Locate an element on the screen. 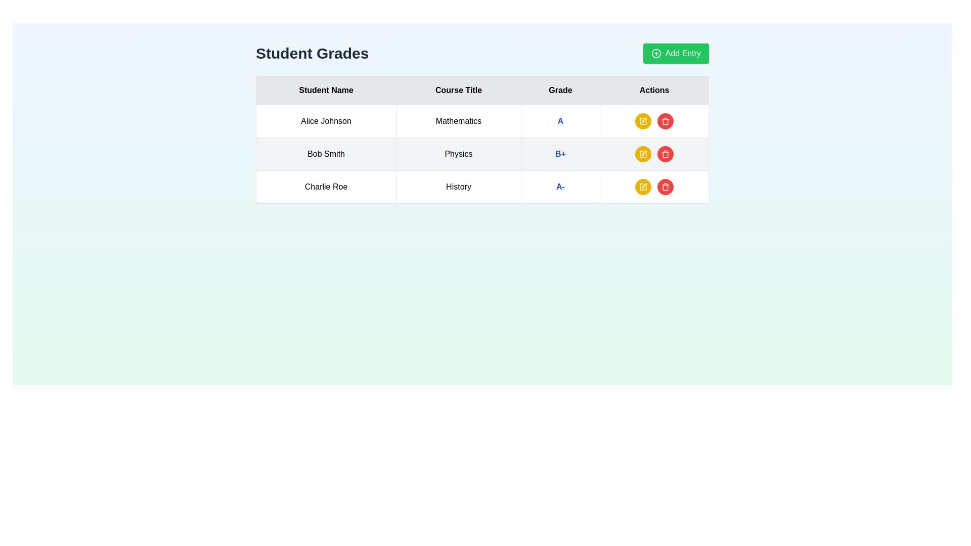 The height and width of the screenshot is (546, 971). the 'Mathematics' text display located in the 'Course Title' column of the 'Student Grades' table, positioned between 'Alice Johnson' and 'A' is located at coordinates (458, 120).